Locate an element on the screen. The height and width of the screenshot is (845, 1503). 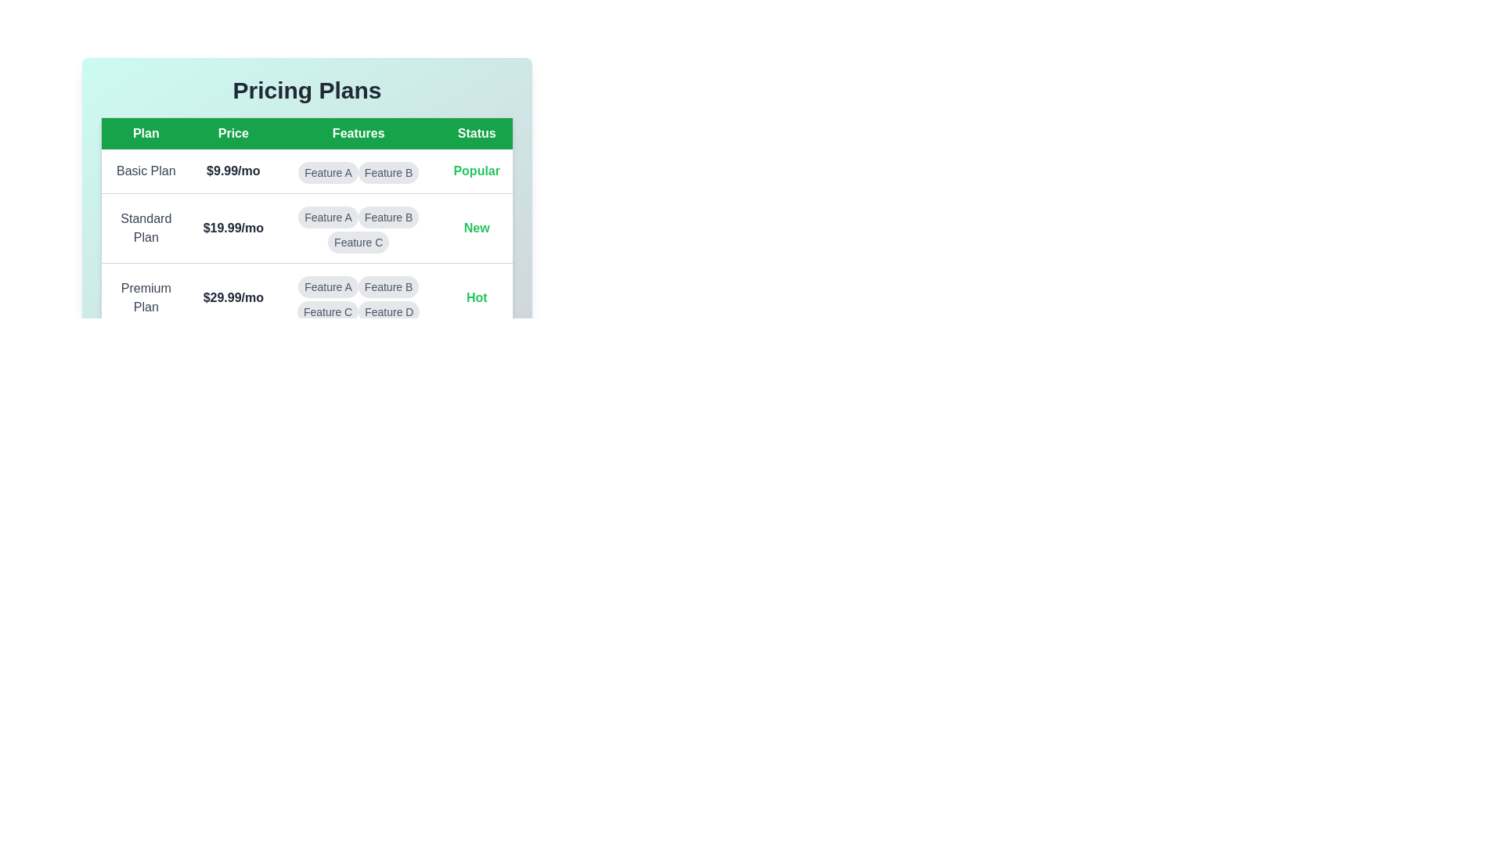
the details of the selected plan: Standard Plan is located at coordinates (146, 228).